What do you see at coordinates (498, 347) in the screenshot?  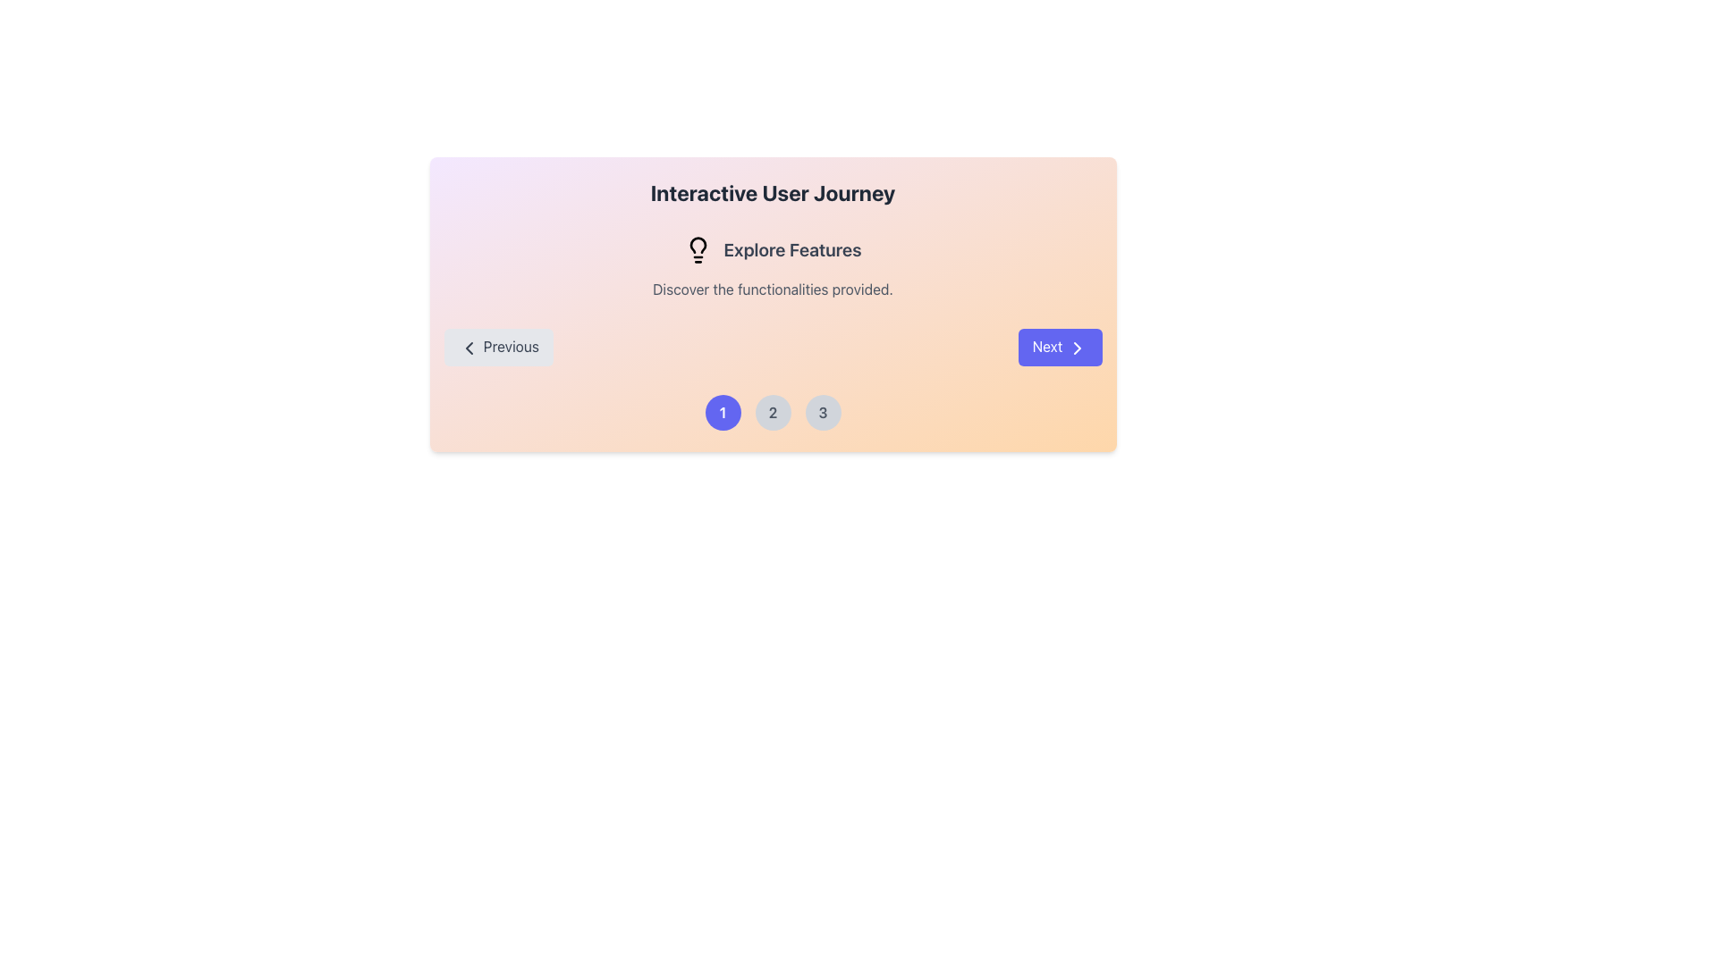 I see `the leftmost button in the navigation bar that allows users to navigate to a previous step by` at bounding box center [498, 347].